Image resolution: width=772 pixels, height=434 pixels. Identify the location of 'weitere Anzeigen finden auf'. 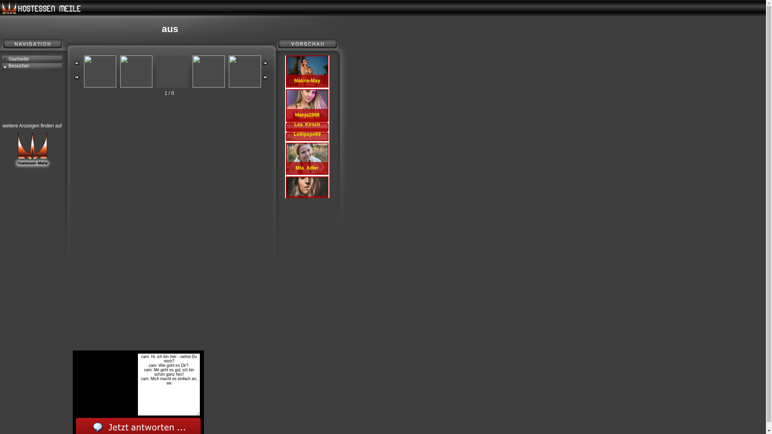
(32, 146).